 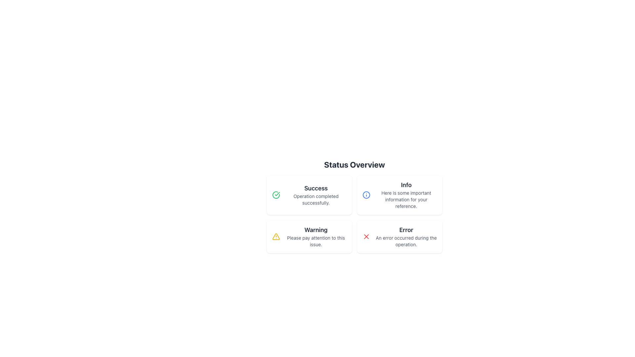 What do you see at coordinates (406, 229) in the screenshot?
I see `the text label displaying 'Error' in bold, larger font size located in the 'Error' section of the Status Overview layout, specifically within the fourth card in the bottom-right corner` at bounding box center [406, 229].